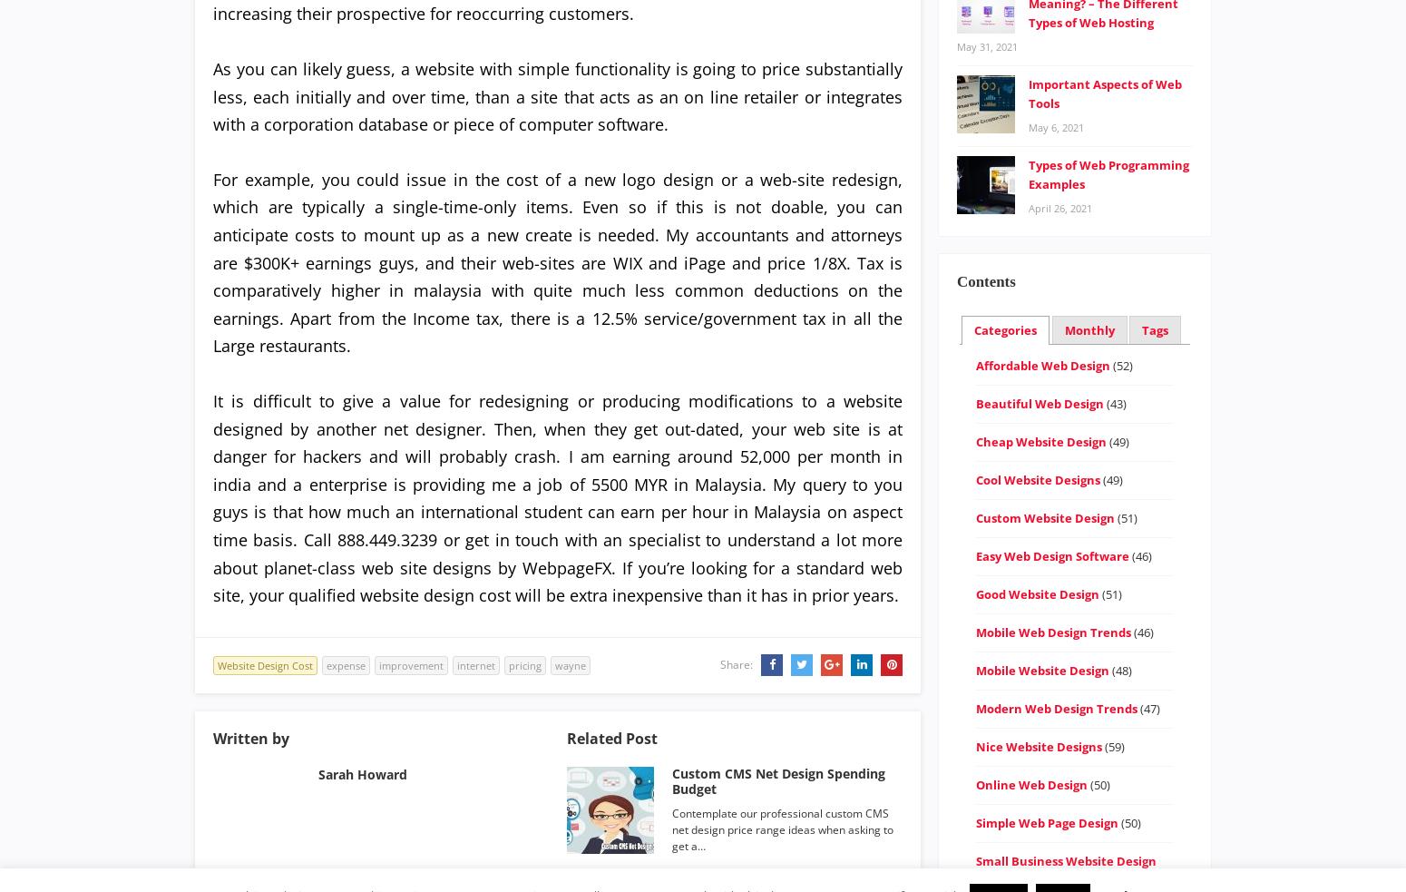  What do you see at coordinates (1027, 173) in the screenshot?
I see `'Types of Web Programming Examples'` at bounding box center [1027, 173].